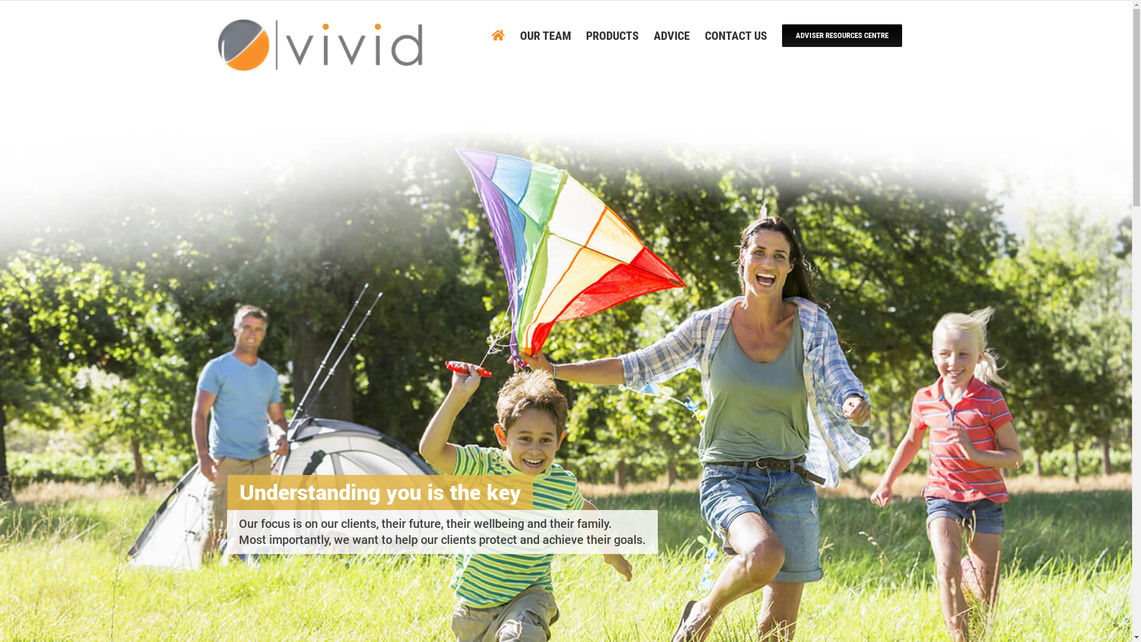 The image size is (1141, 642). I want to click on 'ADVISER RESOURCES CENTRE', so click(841, 35).